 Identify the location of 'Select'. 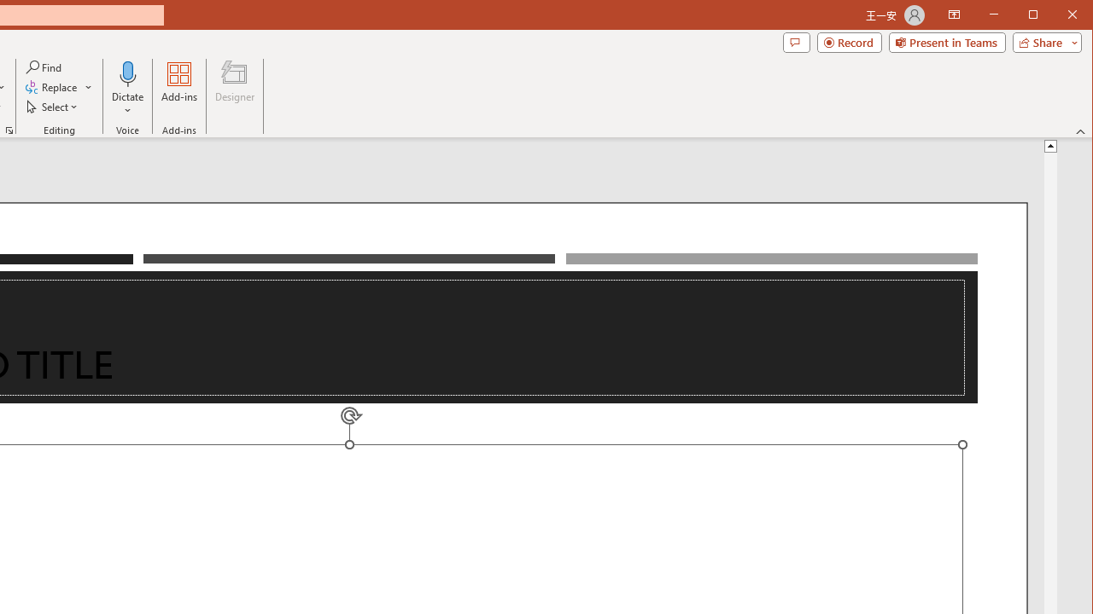
(53, 107).